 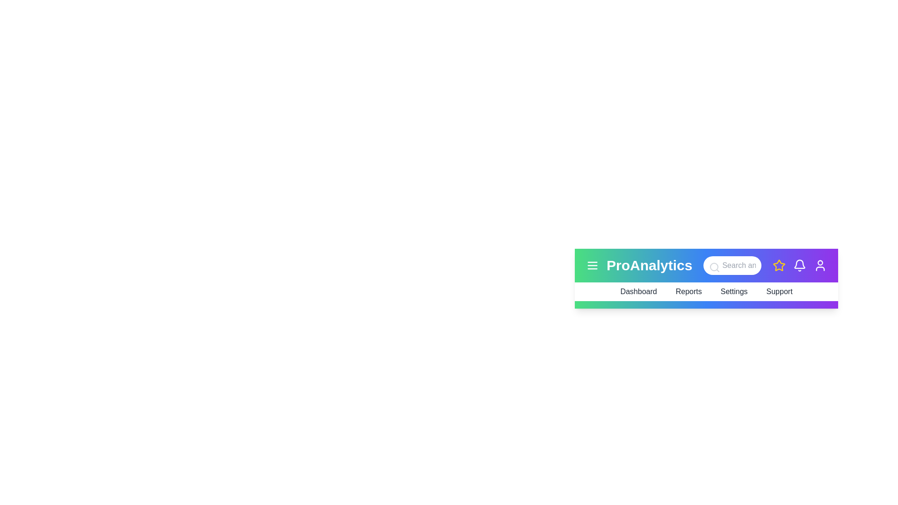 What do you see at coordinates (638, 291) in the screenshot?
I see `the menu option Dashboard` at bounding box center [638, 291].